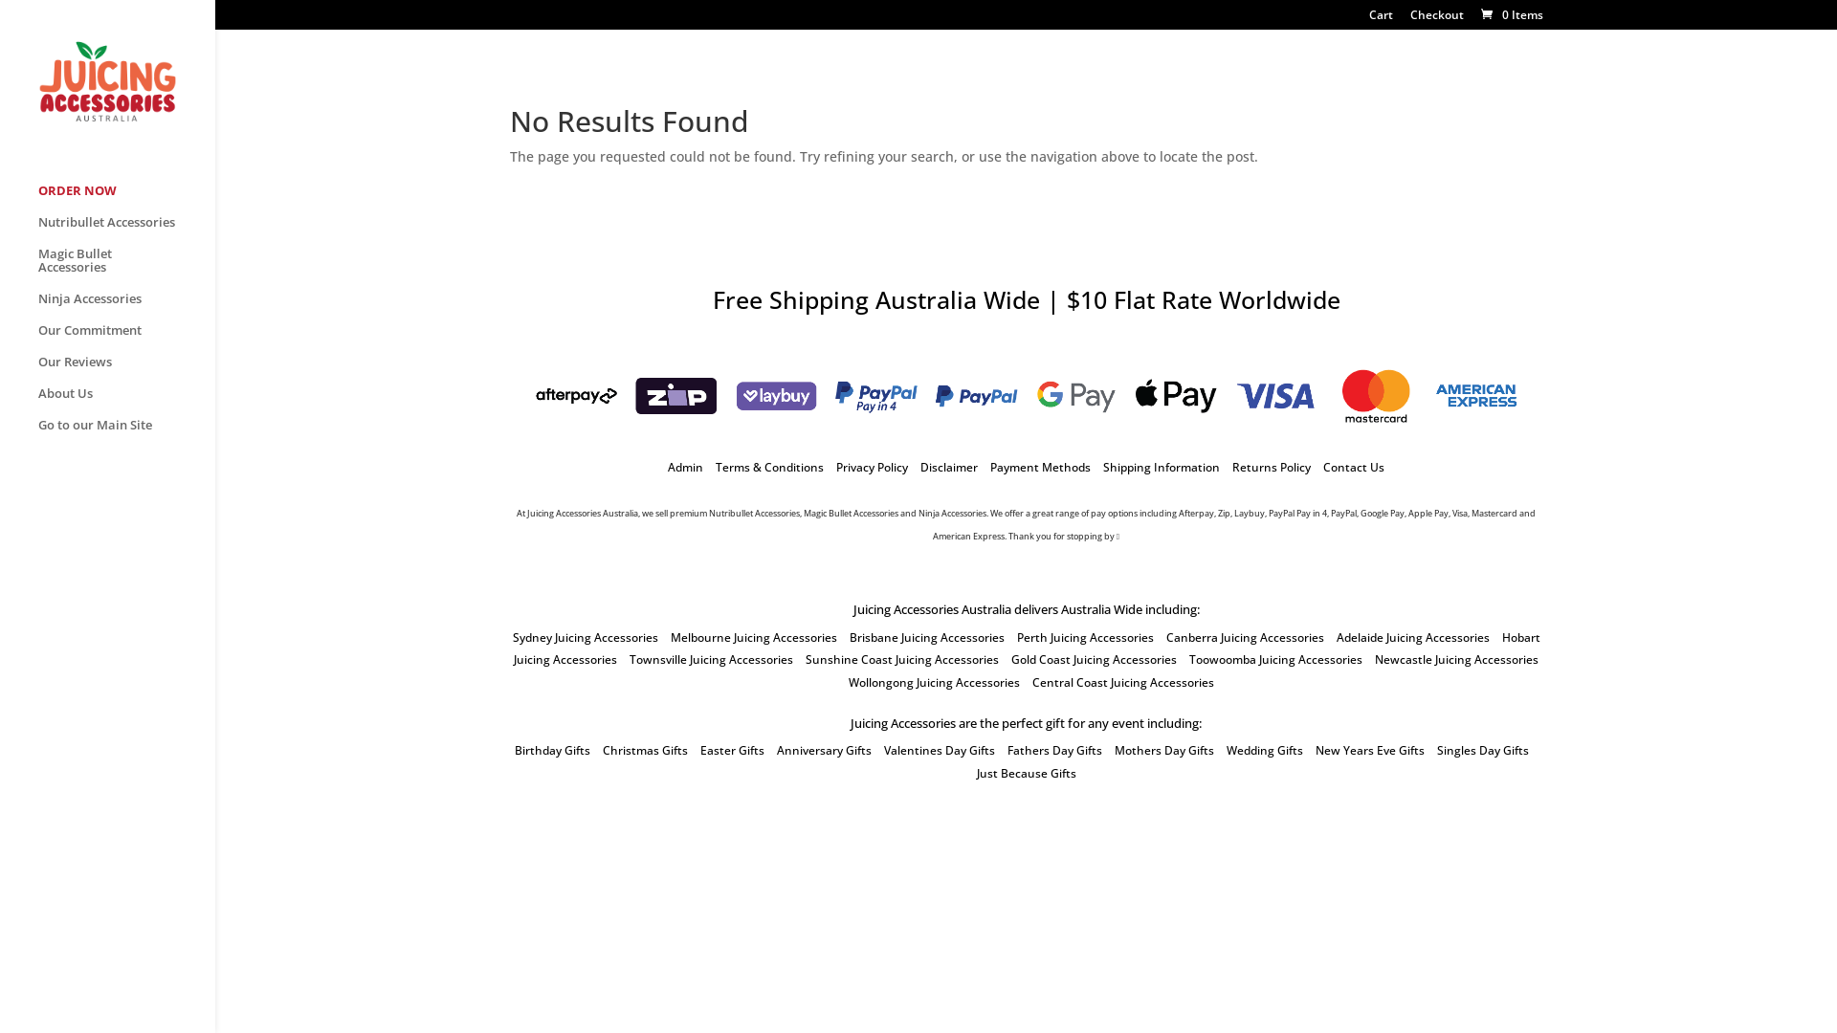 The image size is (1837, 1033). Describe the element at coordinates (1380, 19) in the screenshot. I see `'Cart'` at that location.